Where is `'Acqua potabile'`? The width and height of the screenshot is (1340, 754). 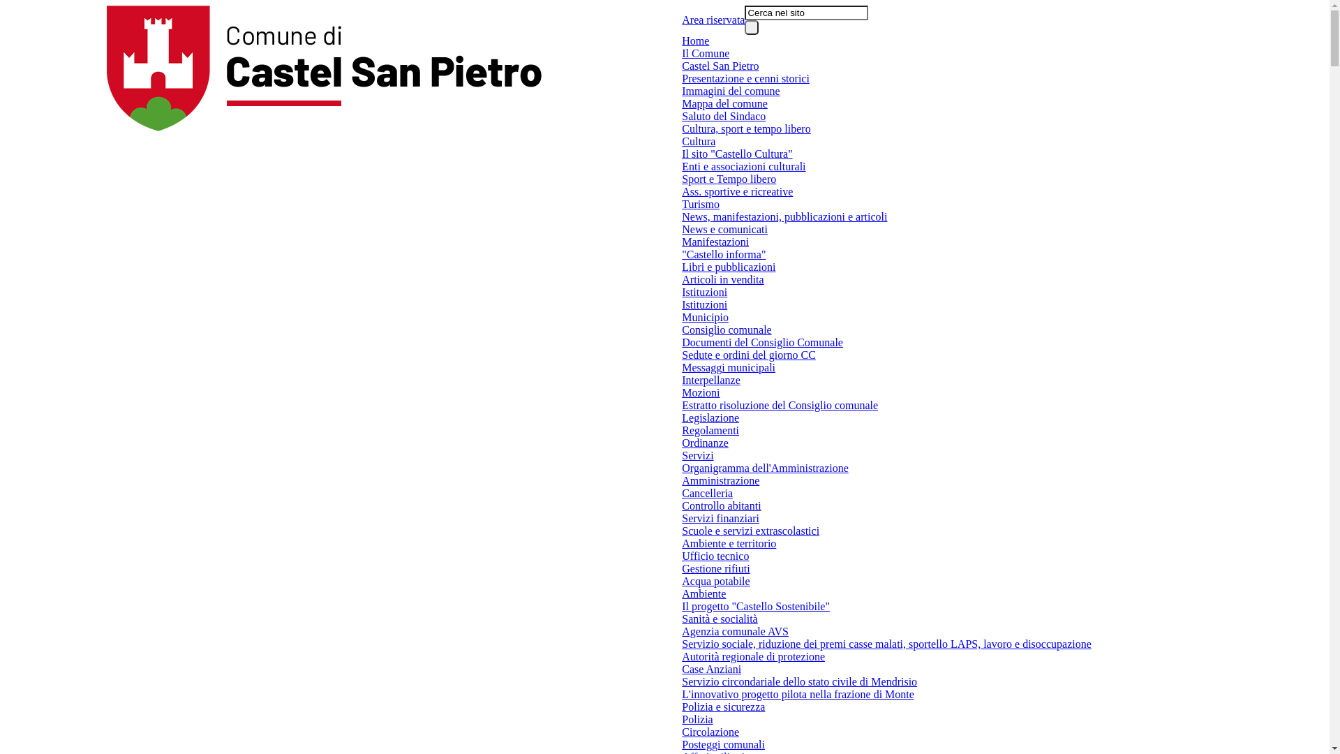
'Acqua potabile' is located at coordinates (715, 582).